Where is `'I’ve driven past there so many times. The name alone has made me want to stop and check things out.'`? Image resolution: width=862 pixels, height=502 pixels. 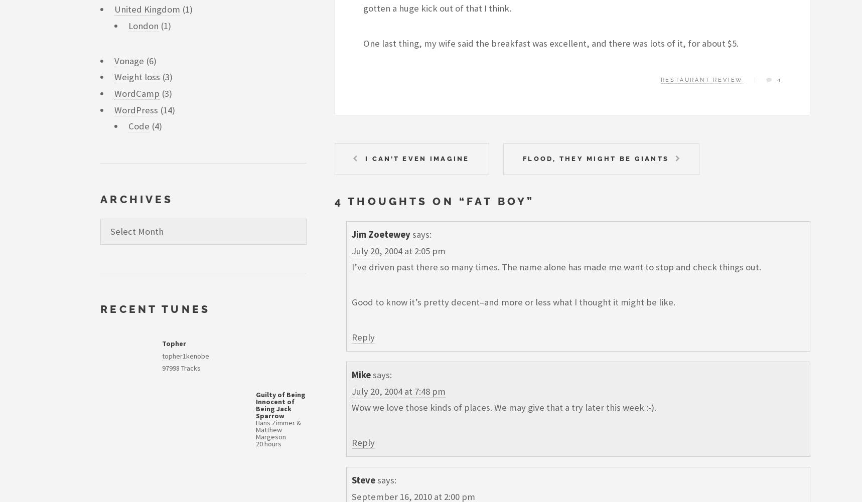
'I’ve driven past there so many times. The name alone has made me want to stop and check things out.' is located at coordinates (555, 266).